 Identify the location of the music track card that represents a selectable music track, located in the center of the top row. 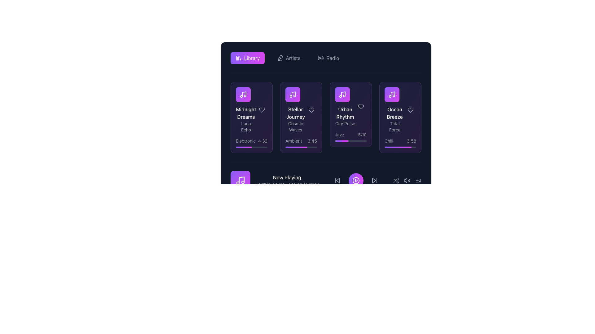
(295, 109).